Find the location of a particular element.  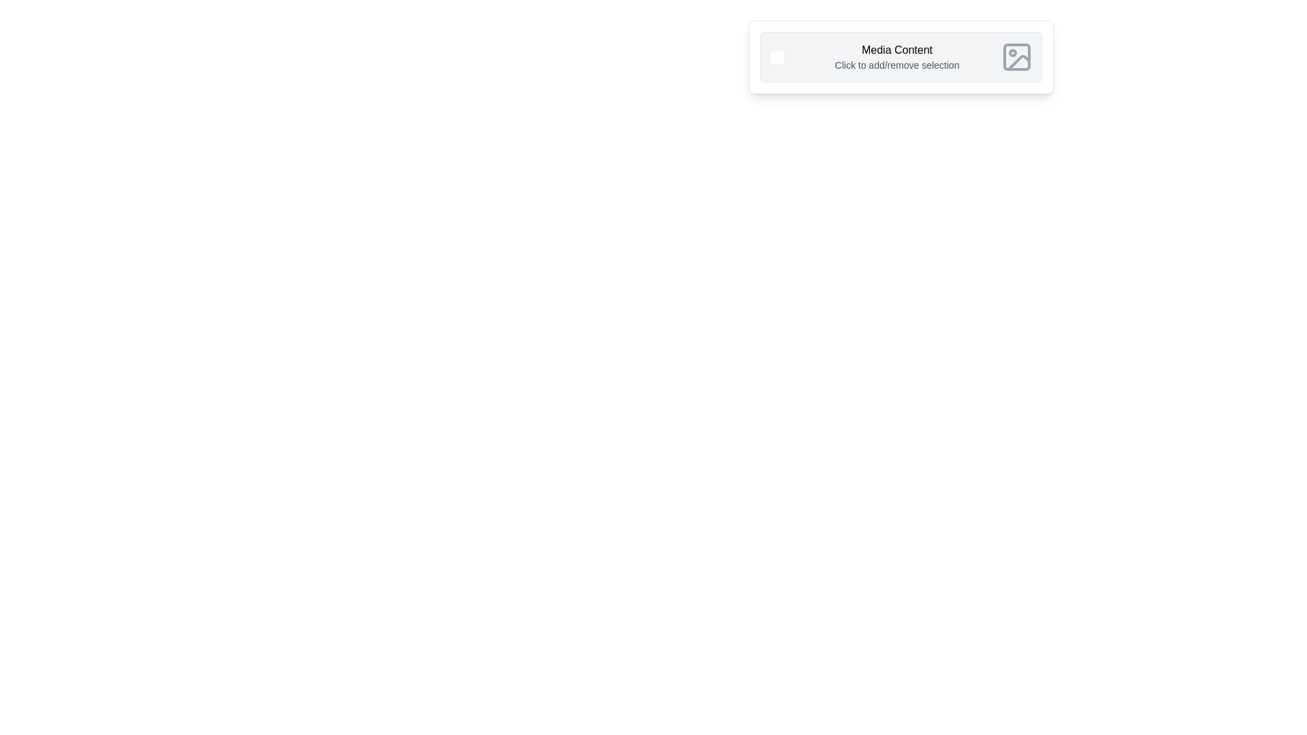

the static informational text that reads 'Click to add/remove selection', which is styled in a smaller light gray font and located below the 'Media Content' title is located at coordinates (897, 65).